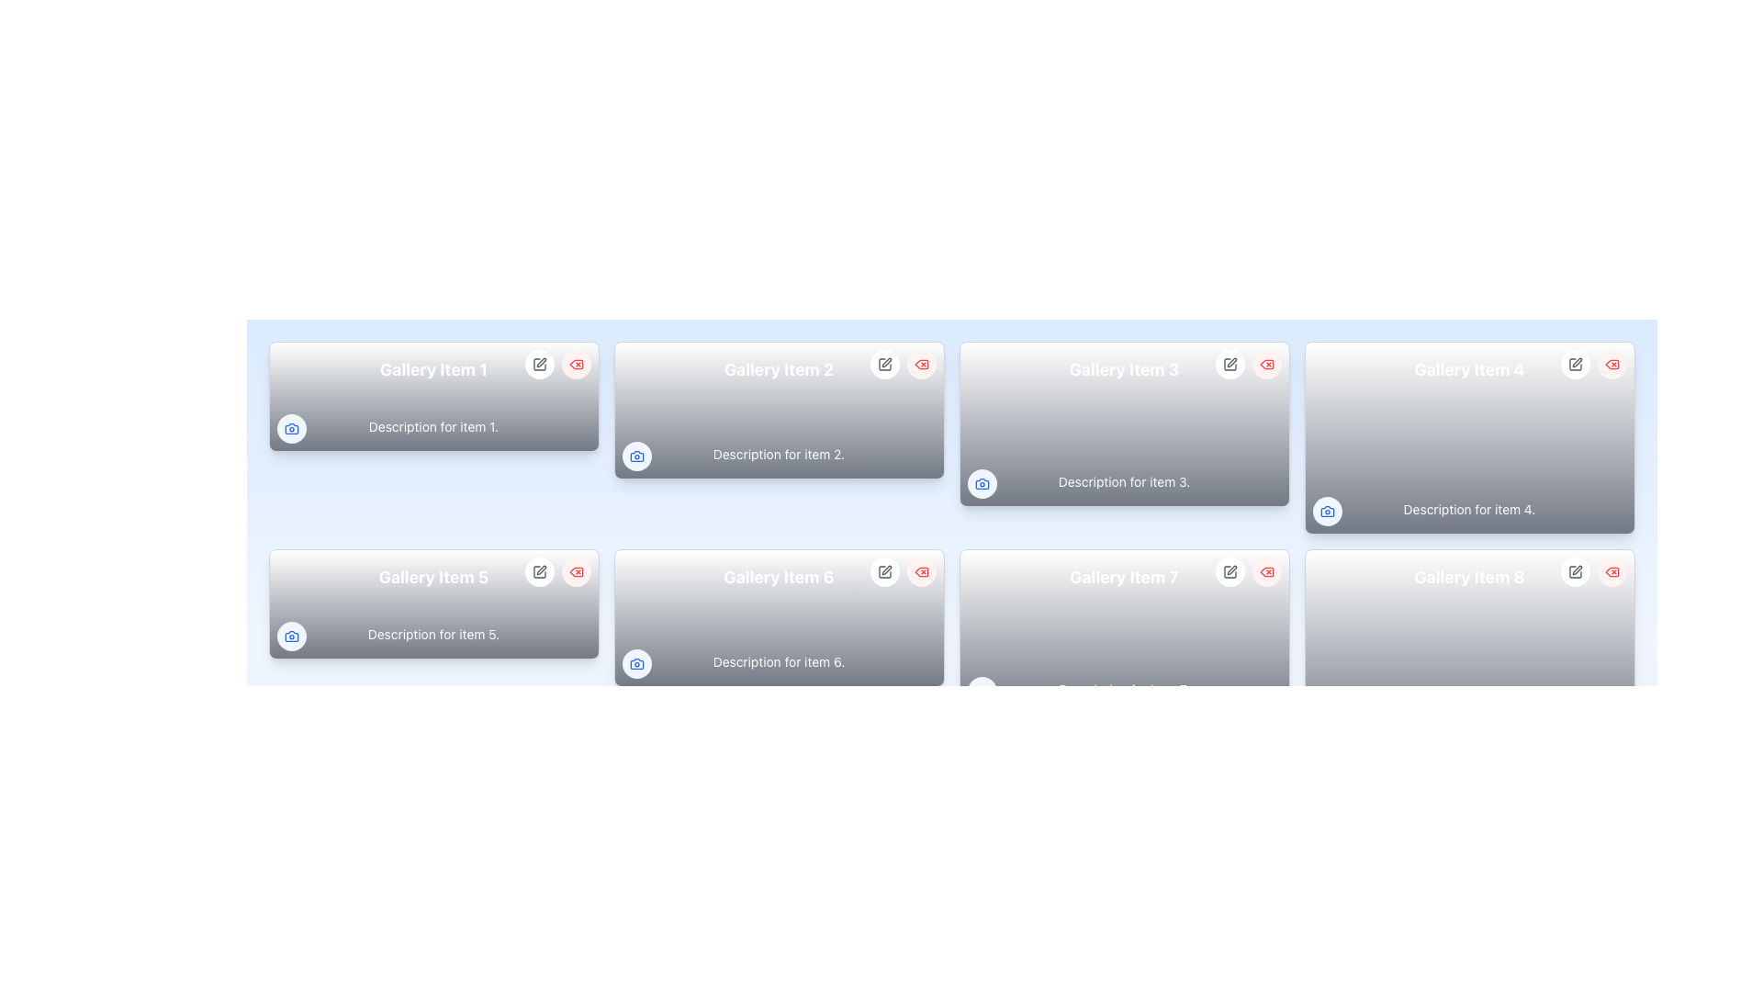 This screenshot has height=992, width=1763. Describe the element at coordinates (1327, 511) in the screenshot. I see `the action button located at the bottom-left corner of the 'Gallery Item 4' card to observe any hover effects` at that location.